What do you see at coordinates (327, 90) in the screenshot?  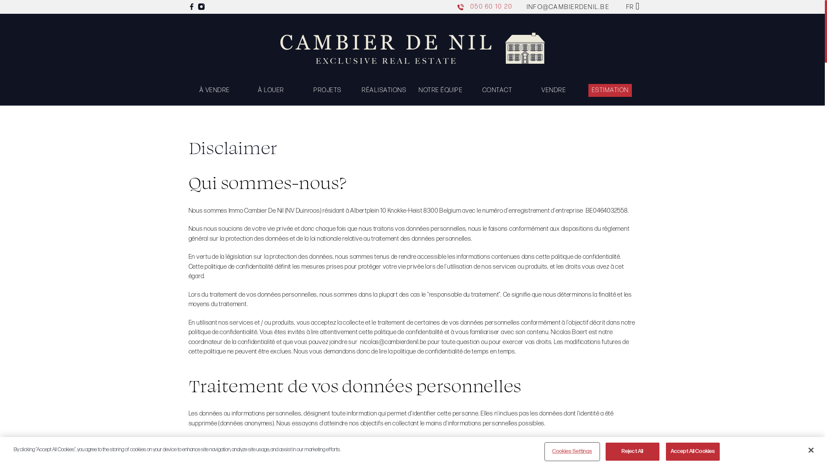 I see `'PROJETS'` at bounding box center [327, 90].